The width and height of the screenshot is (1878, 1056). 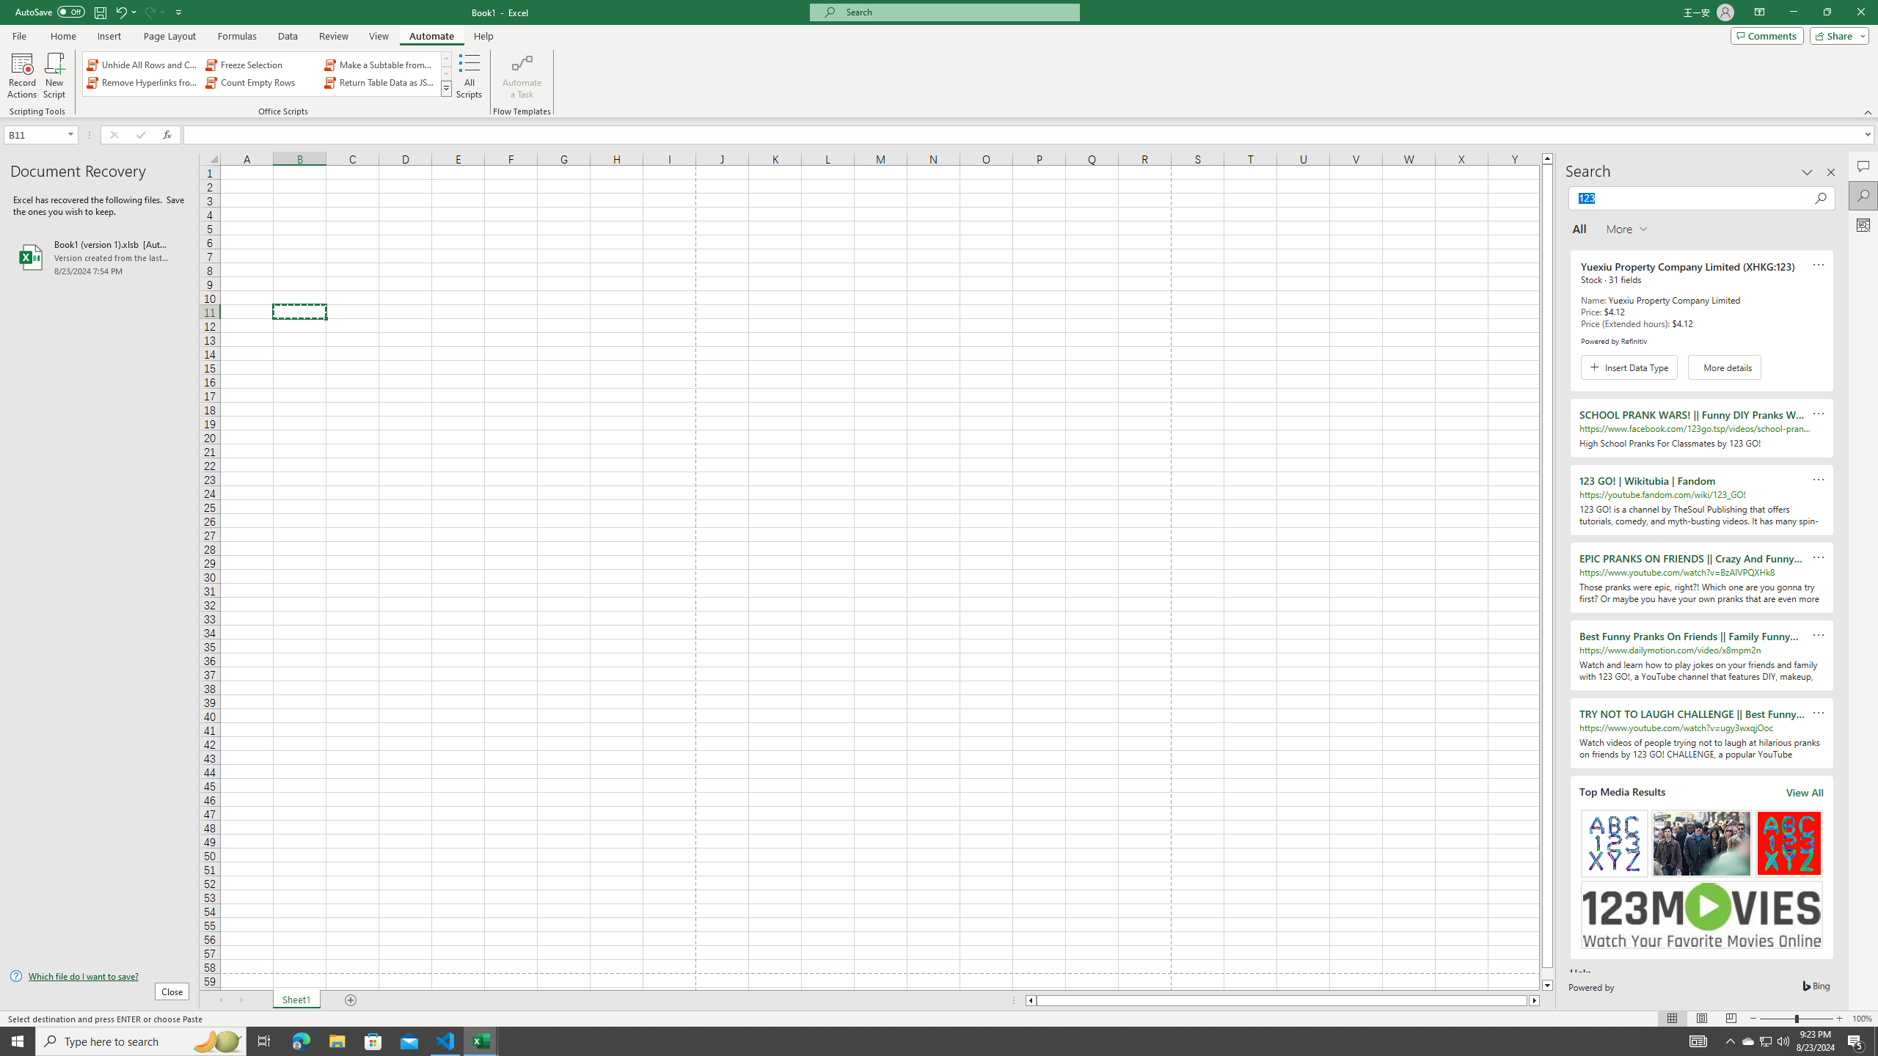 I want to click on 'Automate a Task', so click(x=521, y=76).